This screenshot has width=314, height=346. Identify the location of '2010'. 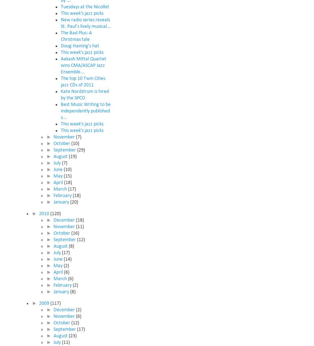
(44, 213).